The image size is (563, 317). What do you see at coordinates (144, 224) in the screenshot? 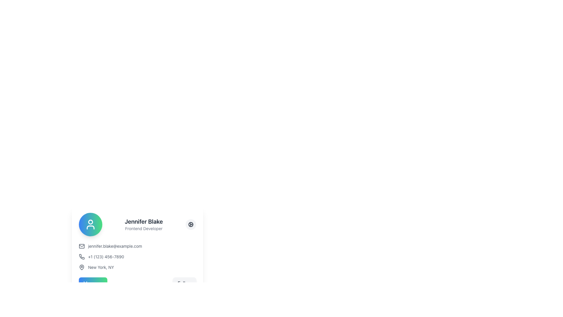
I see `the text block containing 'Jennifer Blake' and 'Frontend Developer' in the user profile card layout, located to the right of a circular icon` at bounding box center [144, 224].